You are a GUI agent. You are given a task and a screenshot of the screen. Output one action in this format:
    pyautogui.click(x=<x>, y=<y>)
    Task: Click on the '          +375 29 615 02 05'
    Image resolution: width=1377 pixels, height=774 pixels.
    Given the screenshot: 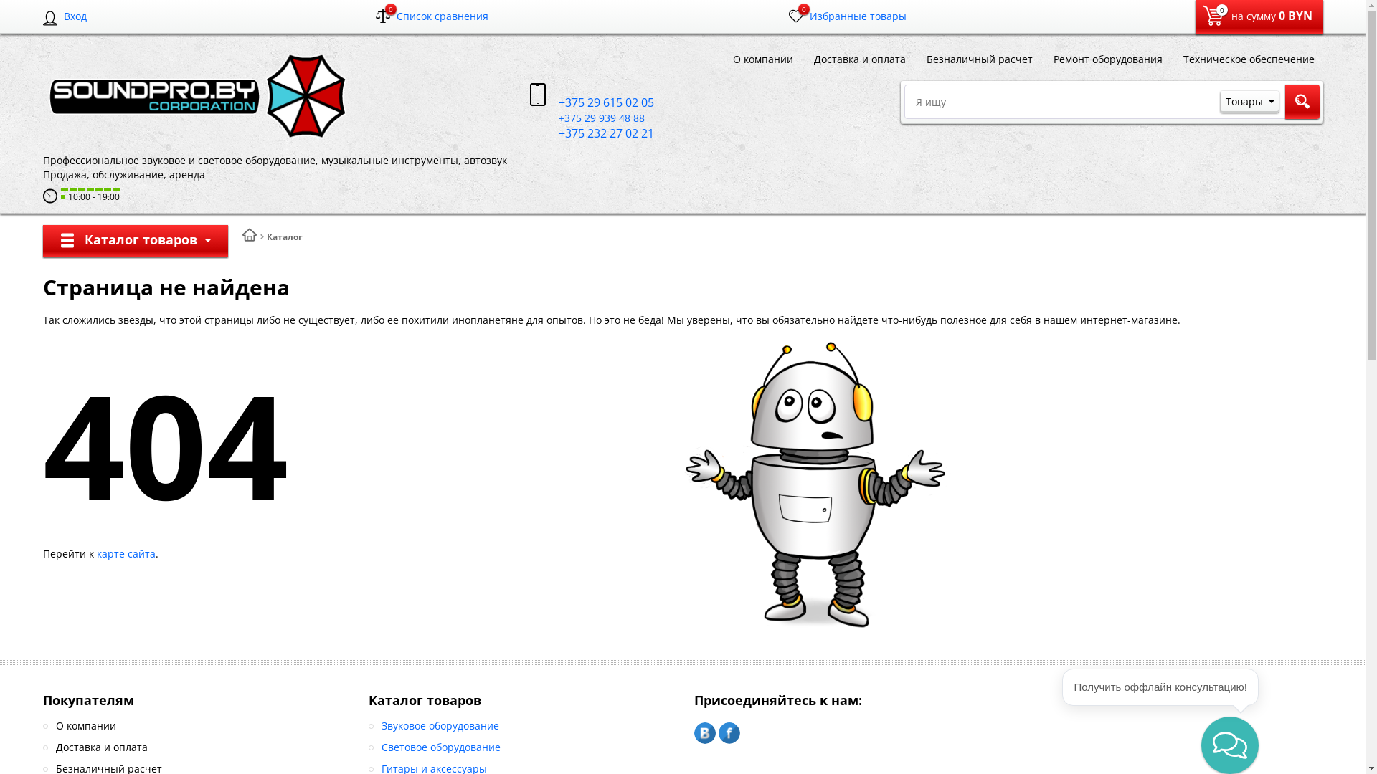 What is the action you would take?
    pyautogui.click(x=592, y=102)
    